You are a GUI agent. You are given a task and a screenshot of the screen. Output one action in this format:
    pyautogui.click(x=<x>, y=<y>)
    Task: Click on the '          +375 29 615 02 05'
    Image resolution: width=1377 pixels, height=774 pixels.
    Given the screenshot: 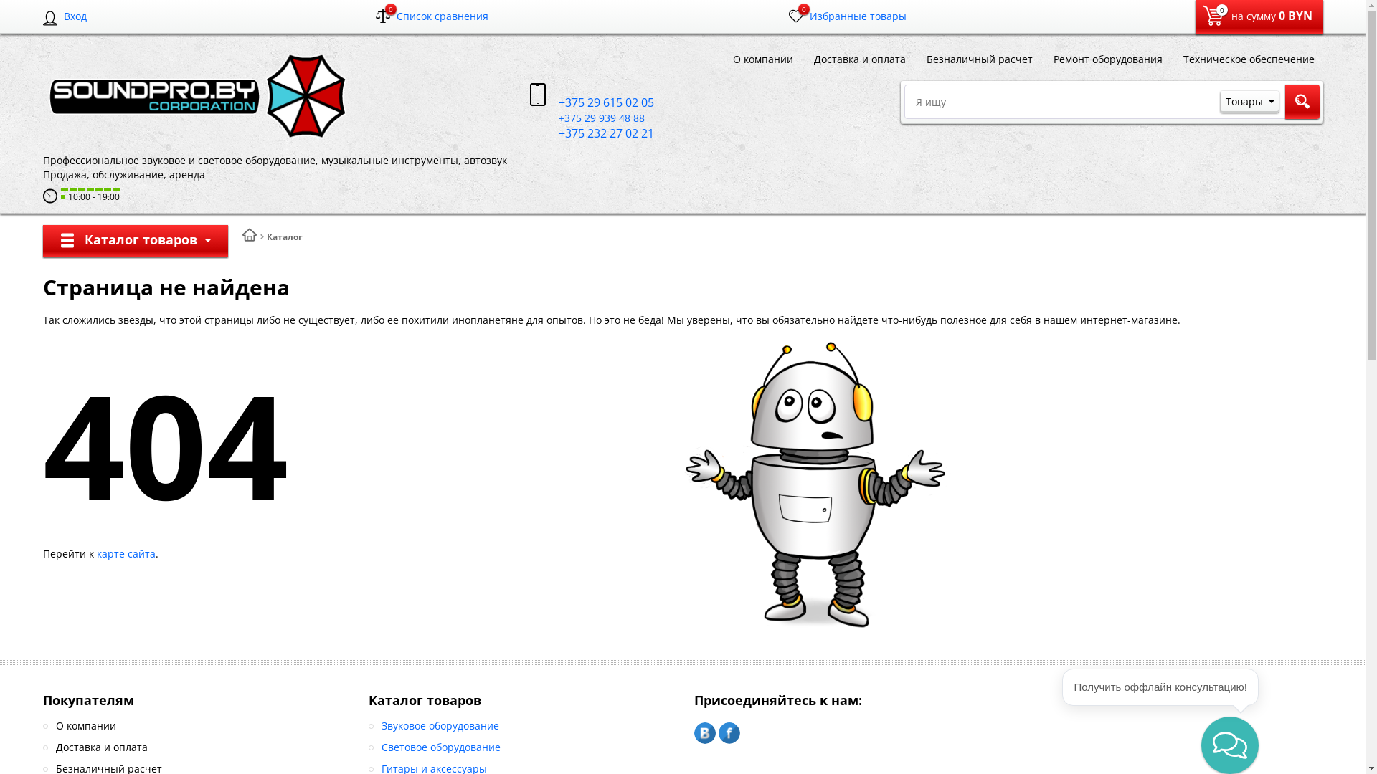 What is the action you would take?
    pyautogui.click(x=592, y=102)
    